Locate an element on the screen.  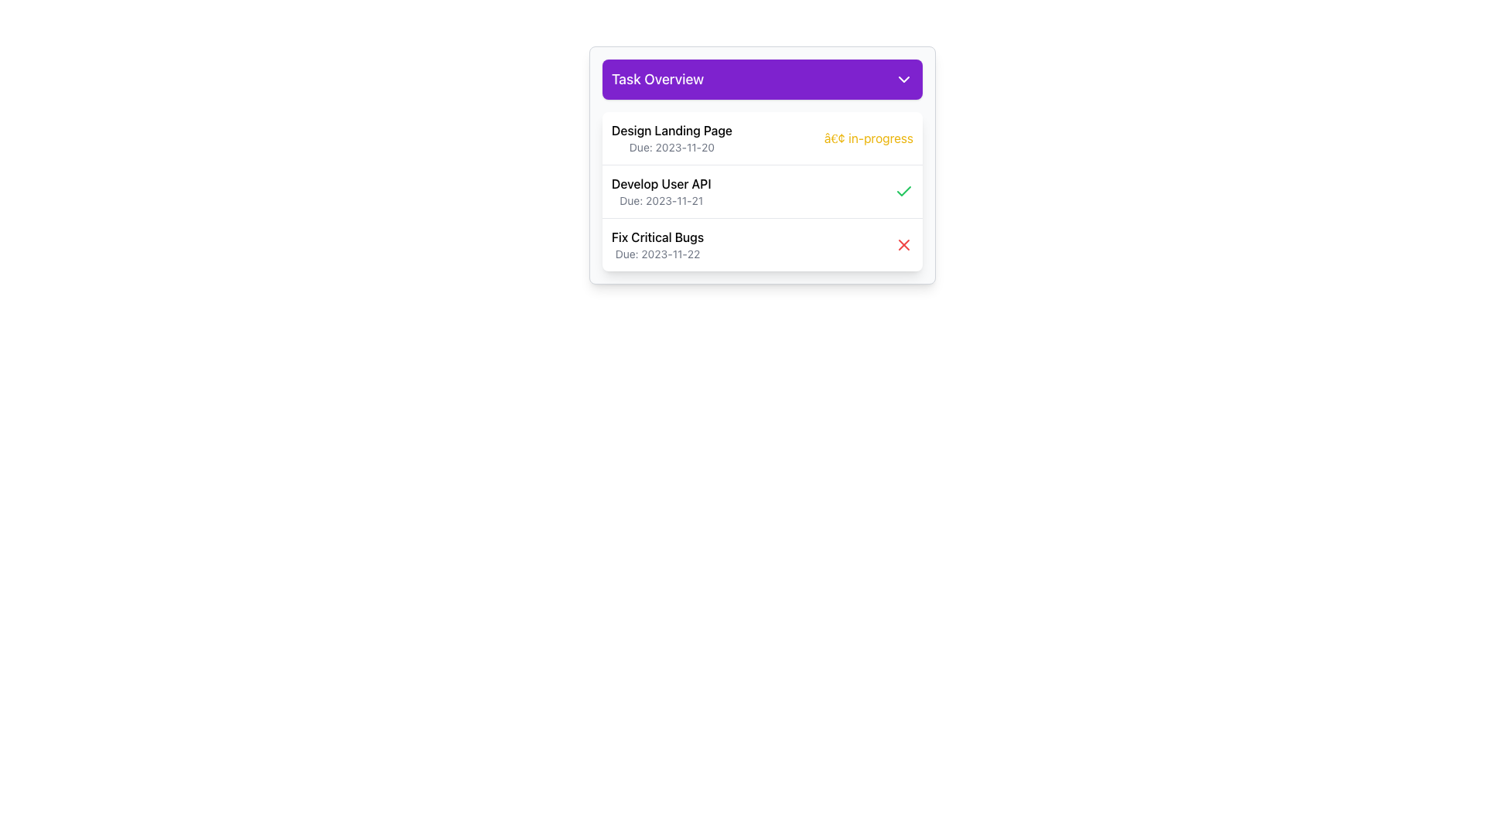
the task completion icon located on the right side of the 'Develop User API' row is located at coordinates (904, 190).